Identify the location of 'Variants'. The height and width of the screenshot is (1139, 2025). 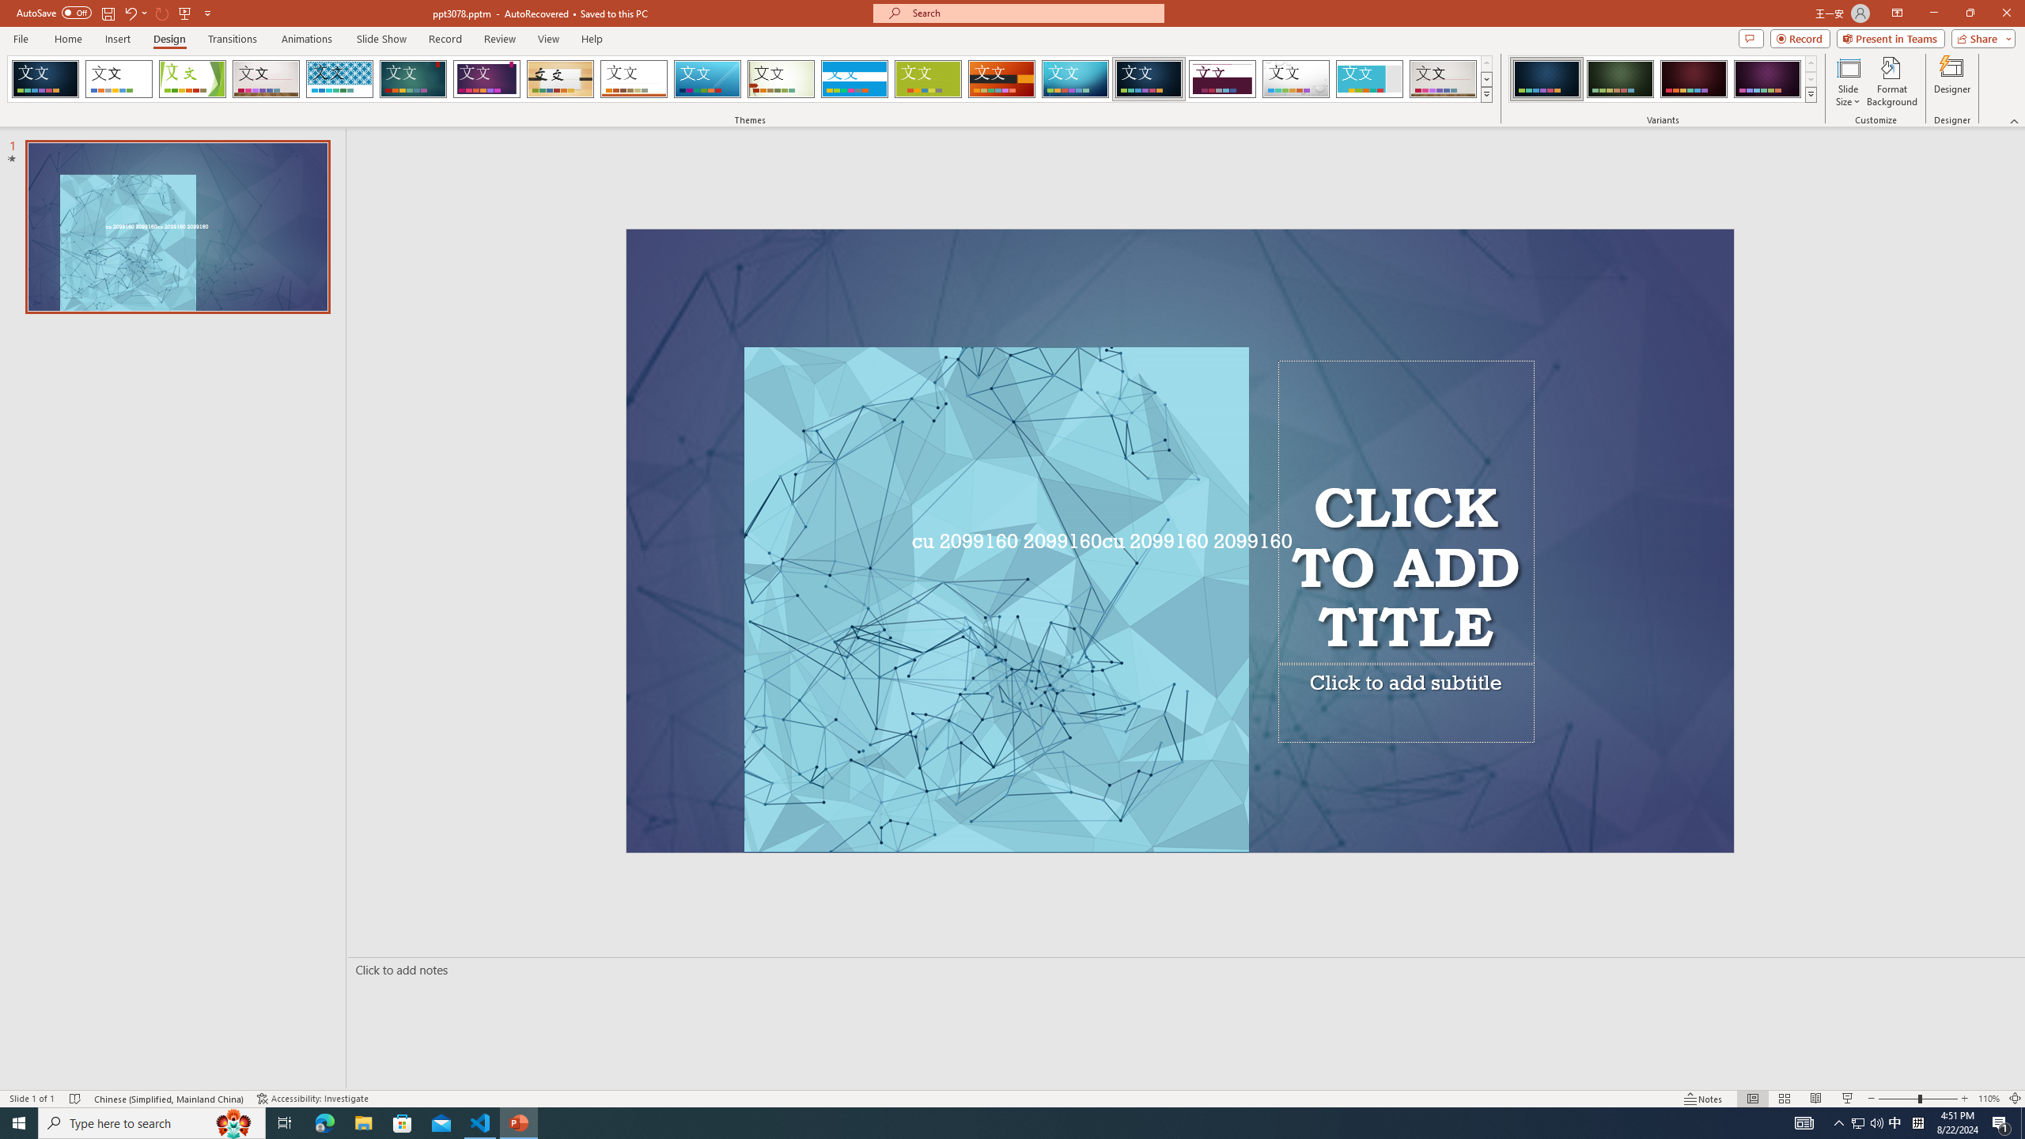
(1809, 93).